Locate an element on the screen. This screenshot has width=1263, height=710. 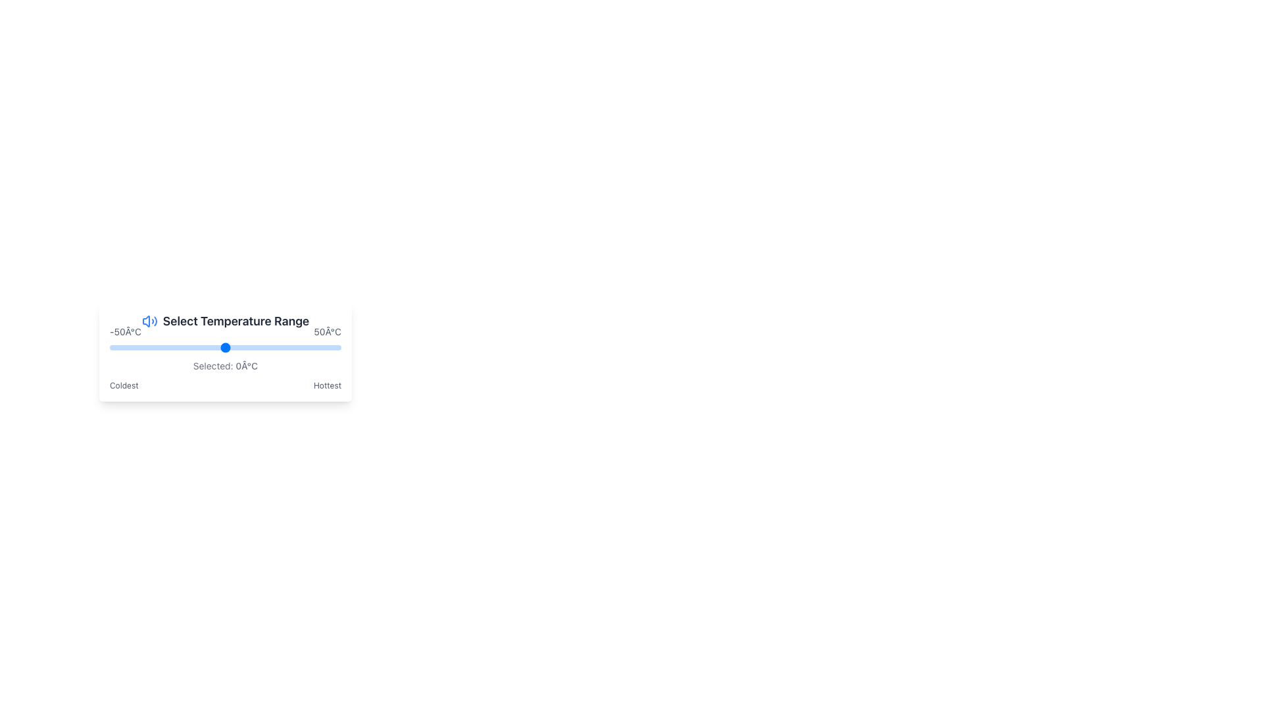
the text label displaying '0°C', which is part of the text 'Selected: 0°C' and positioned towards the right side of the enclosing text is located at coordinates (247, 366).